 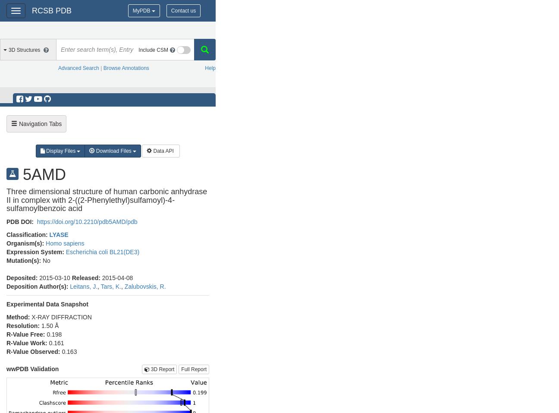 What do you see at coordinates (107, 199) in the screenshot?
I see `'Three dimensional structure of human carbonic anhydrase II in complex with 2-((2-Phenylethyl)sulfamoyl)-4-sulfamoylbenzoic acid'` at bounding box center [107, 199].